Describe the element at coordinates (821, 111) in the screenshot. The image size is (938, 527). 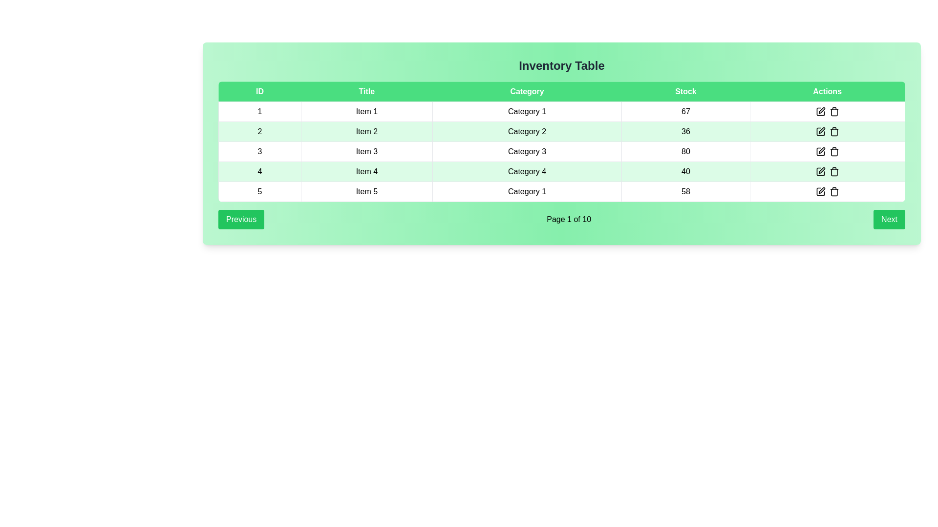
I see `the edit action icon button located in the 'Actions' column of the first row in the inventory table to initiate an edit action` at that location.